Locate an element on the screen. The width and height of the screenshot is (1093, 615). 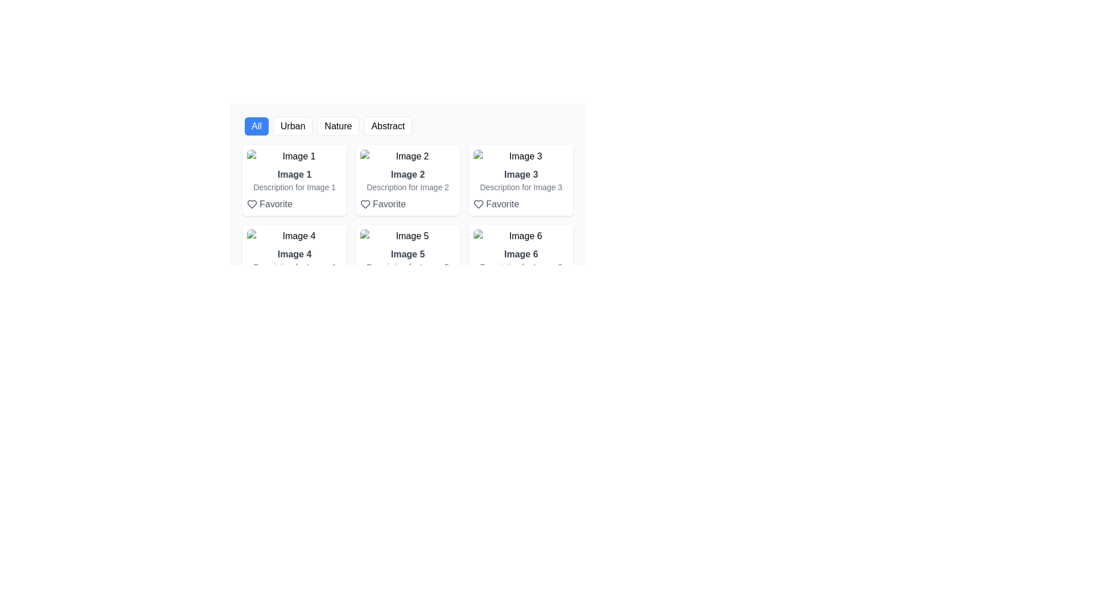
the 'Urban' button, which is a rectangular button with a white background and bold black text is located at coordinates (293, 126).